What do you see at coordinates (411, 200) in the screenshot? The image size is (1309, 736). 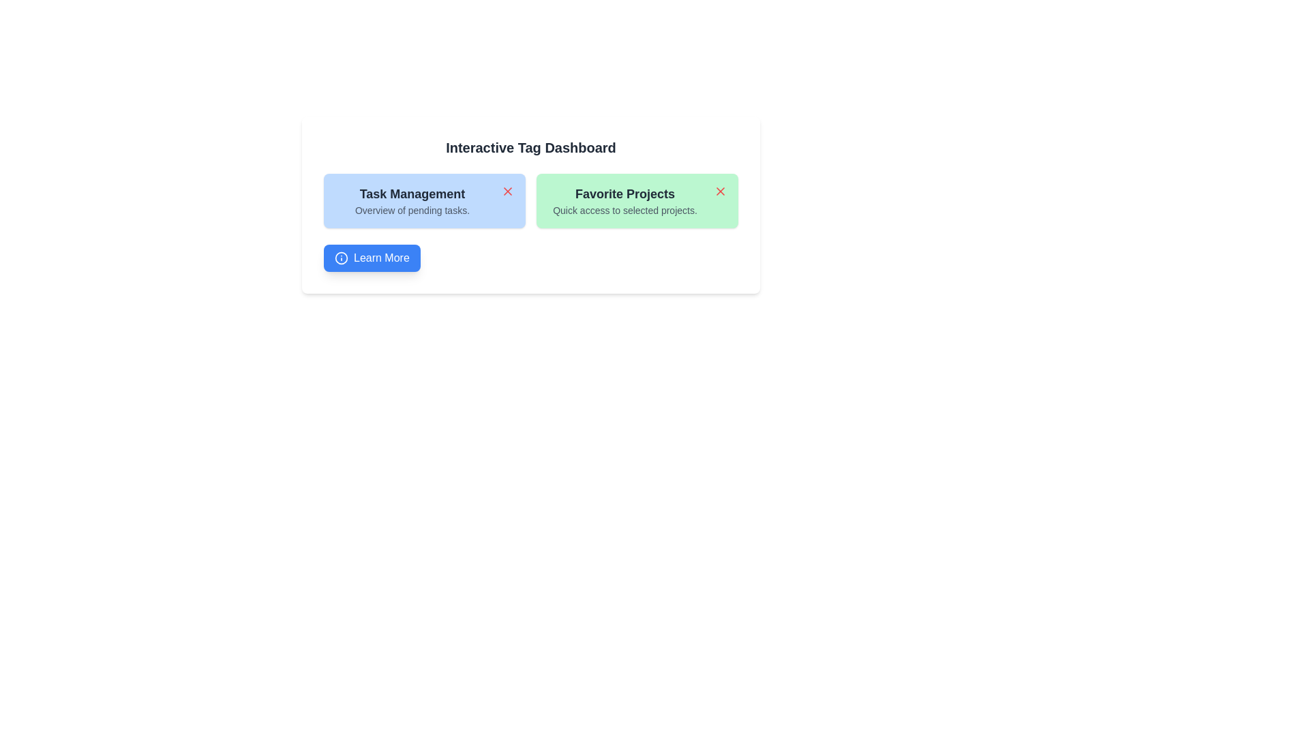 I see `the Text block titled 'Task Management' which features a bold headline and a smaller description in a light blue background` at bounding box center [411, 200].